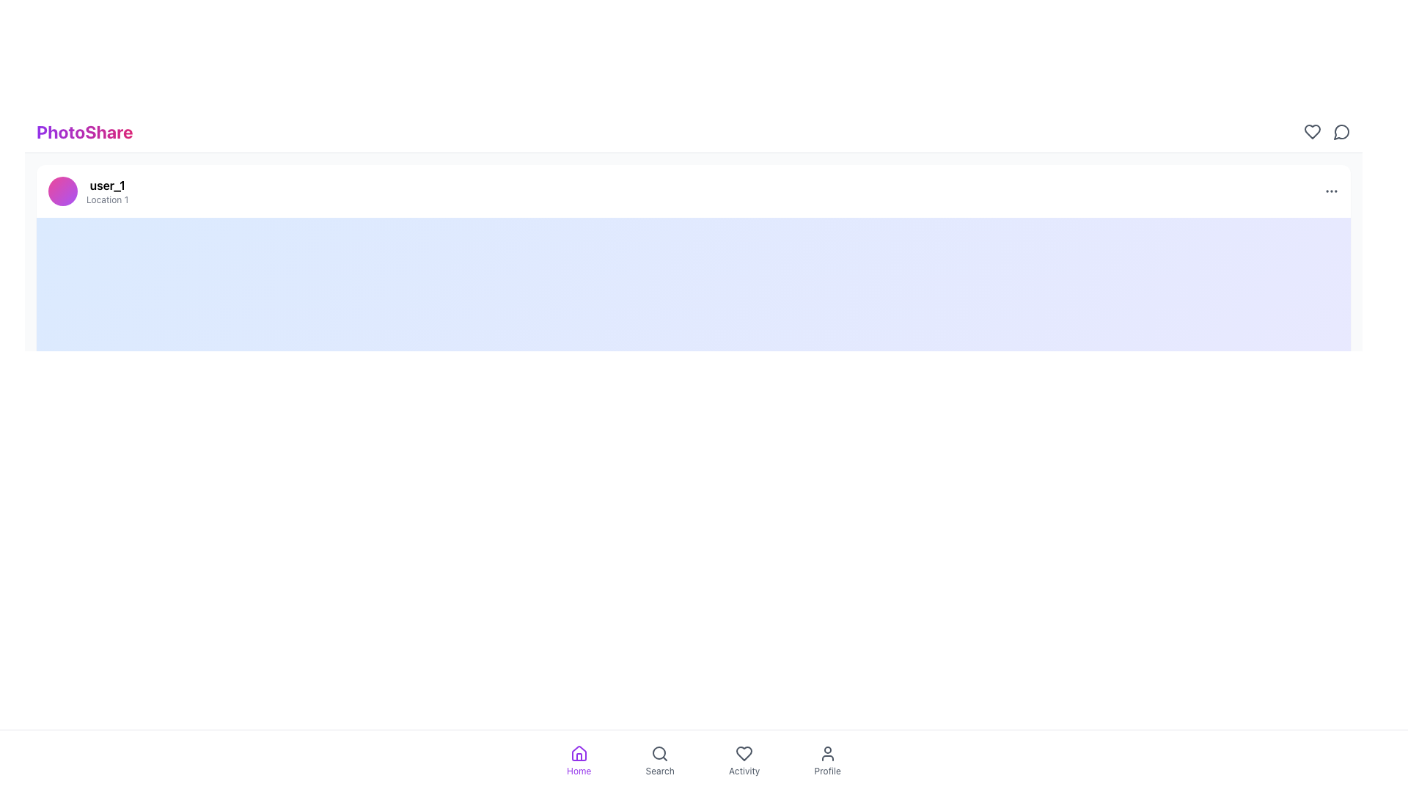  I want to click on the horizontal UI button group in the top-right corner of the 'PhotoShare' interface, so click(1327, 132).